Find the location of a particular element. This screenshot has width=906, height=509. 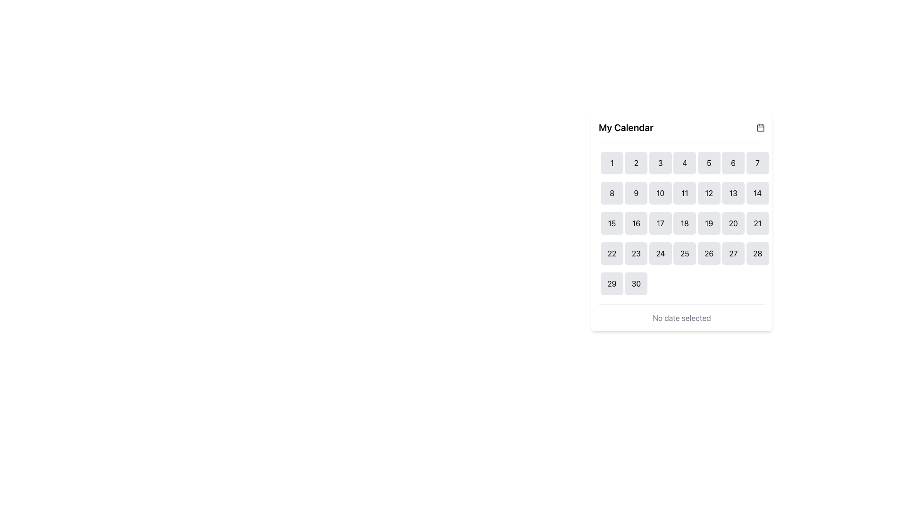

the calendar day cell displaying the number '19' is located at coordinates (709, 223).